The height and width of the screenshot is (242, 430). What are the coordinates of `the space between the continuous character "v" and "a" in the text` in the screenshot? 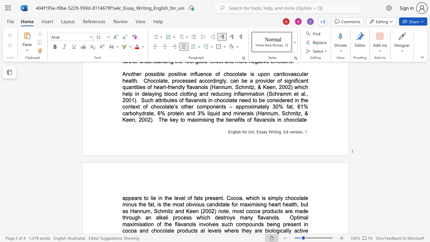 It's located at (183, 224).